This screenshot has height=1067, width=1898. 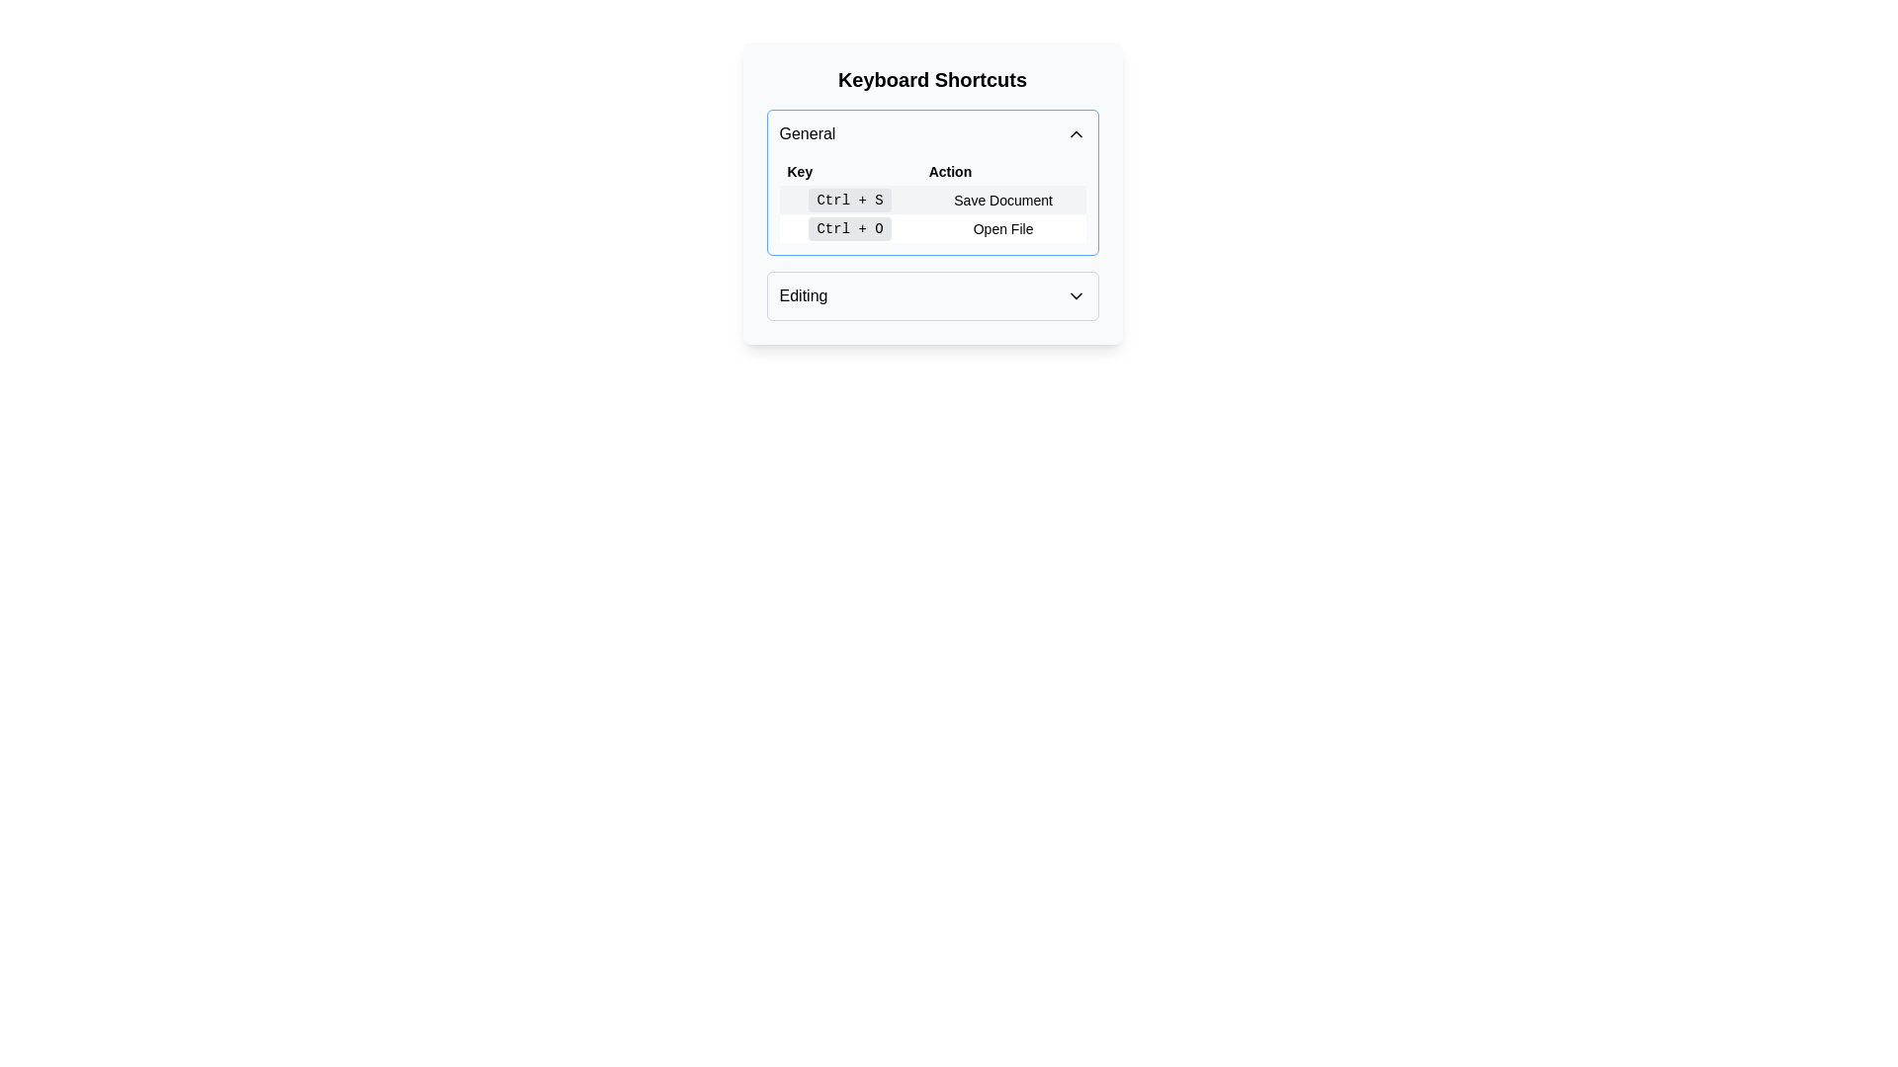 I want to click on the Chevron icon (expand/collapse indicator) located to the right of the 'General' header, so click(x=1075, y=133).